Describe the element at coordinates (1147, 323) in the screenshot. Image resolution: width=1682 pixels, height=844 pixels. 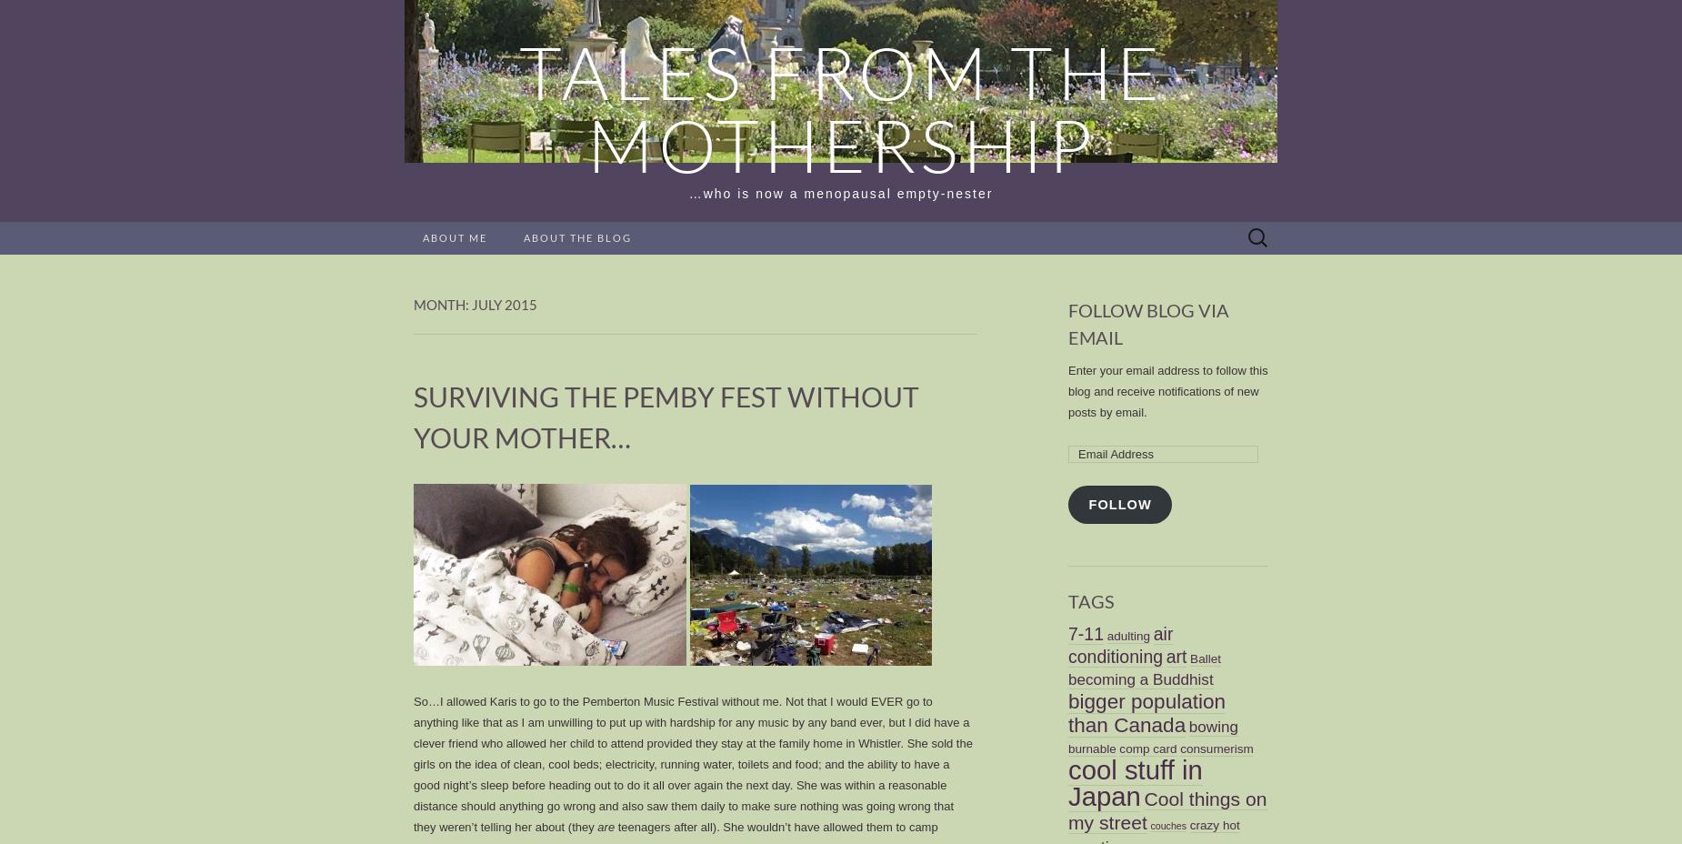
I see `'Follow Blog via Email'` at that location.